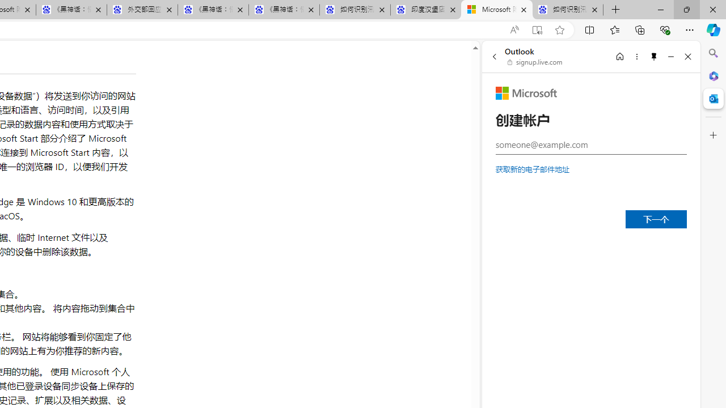 This screenshot has height=408, width=726. What do you see at coordinates (654, 56) in the screenshot?
I see `'Unpin side pane'` at bounding box center [654, 56].